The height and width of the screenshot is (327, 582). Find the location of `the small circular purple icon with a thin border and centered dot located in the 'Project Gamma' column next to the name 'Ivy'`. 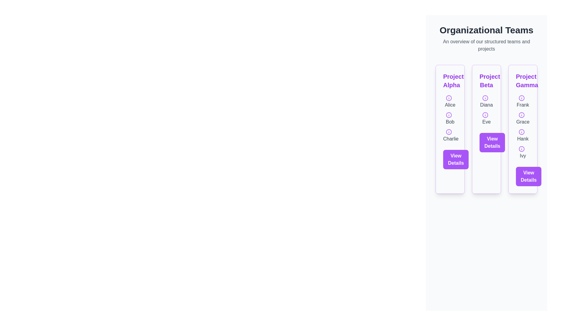

the small circular purple icon with a thin border and centered dot located in the 'Project Gamma' column next to the name 'Ivy' is located at coordinates (521, 148).